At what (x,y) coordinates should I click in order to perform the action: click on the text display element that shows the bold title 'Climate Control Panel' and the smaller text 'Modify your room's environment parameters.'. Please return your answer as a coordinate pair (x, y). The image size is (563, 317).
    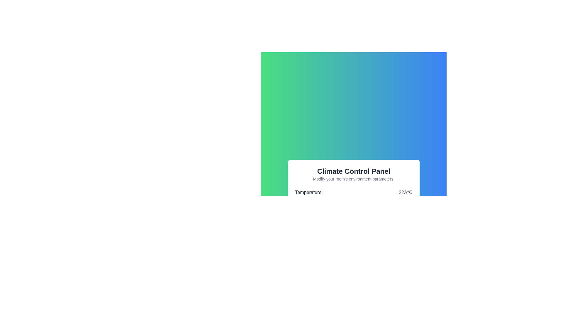
    Looking at the image, I should click on (353, 174).